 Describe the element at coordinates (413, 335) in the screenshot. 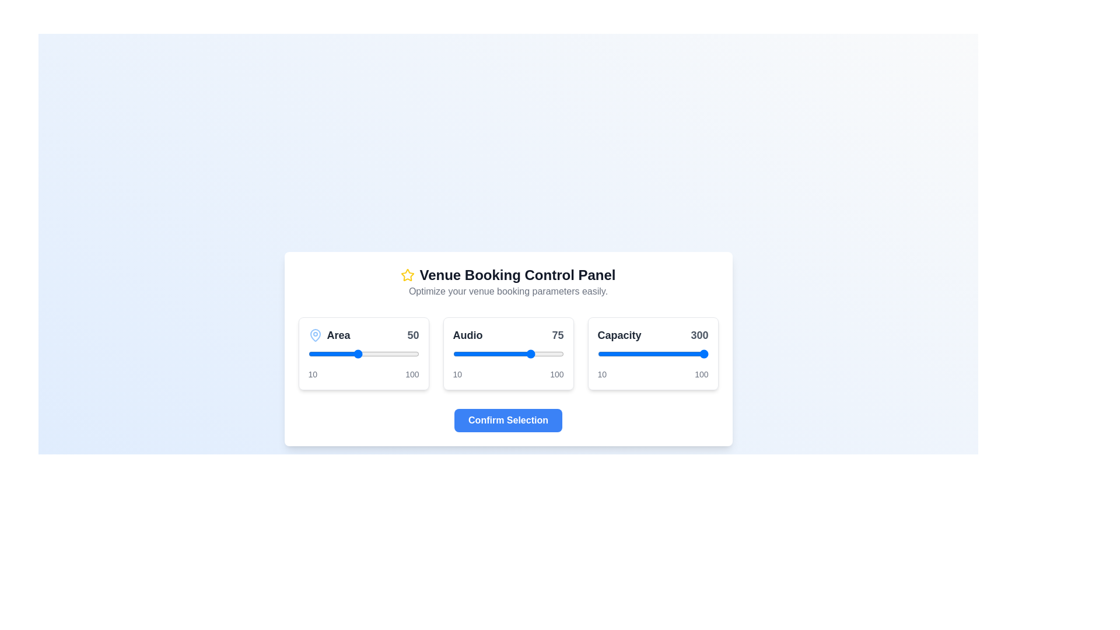

I see `the small gray text label displaying the number '50', which is positioned to the right of the 'Area' label` at that location.